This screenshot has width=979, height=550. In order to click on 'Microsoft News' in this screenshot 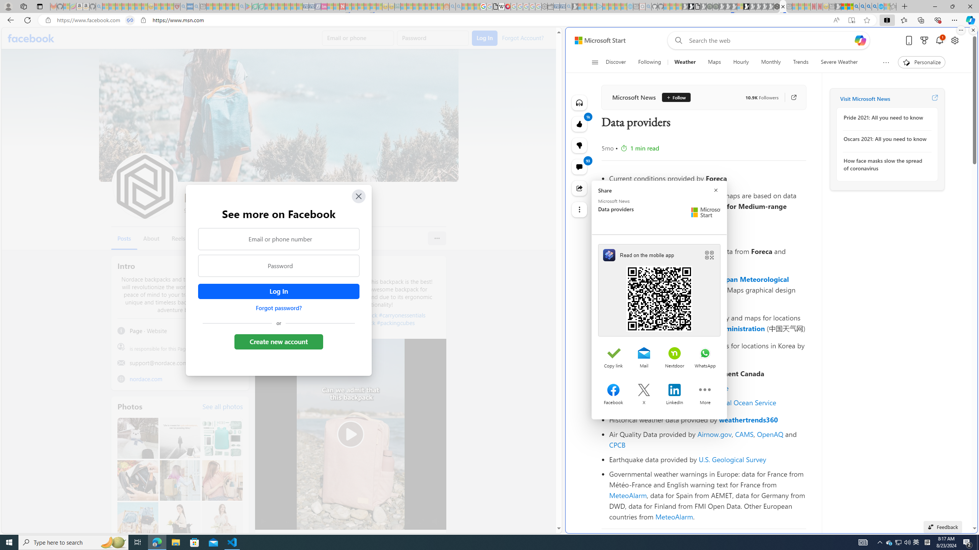, I will do `click(633, 97)`.